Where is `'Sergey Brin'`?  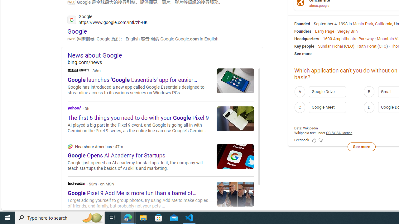 'Sergey Brin' is located at coordinates (347, 31).